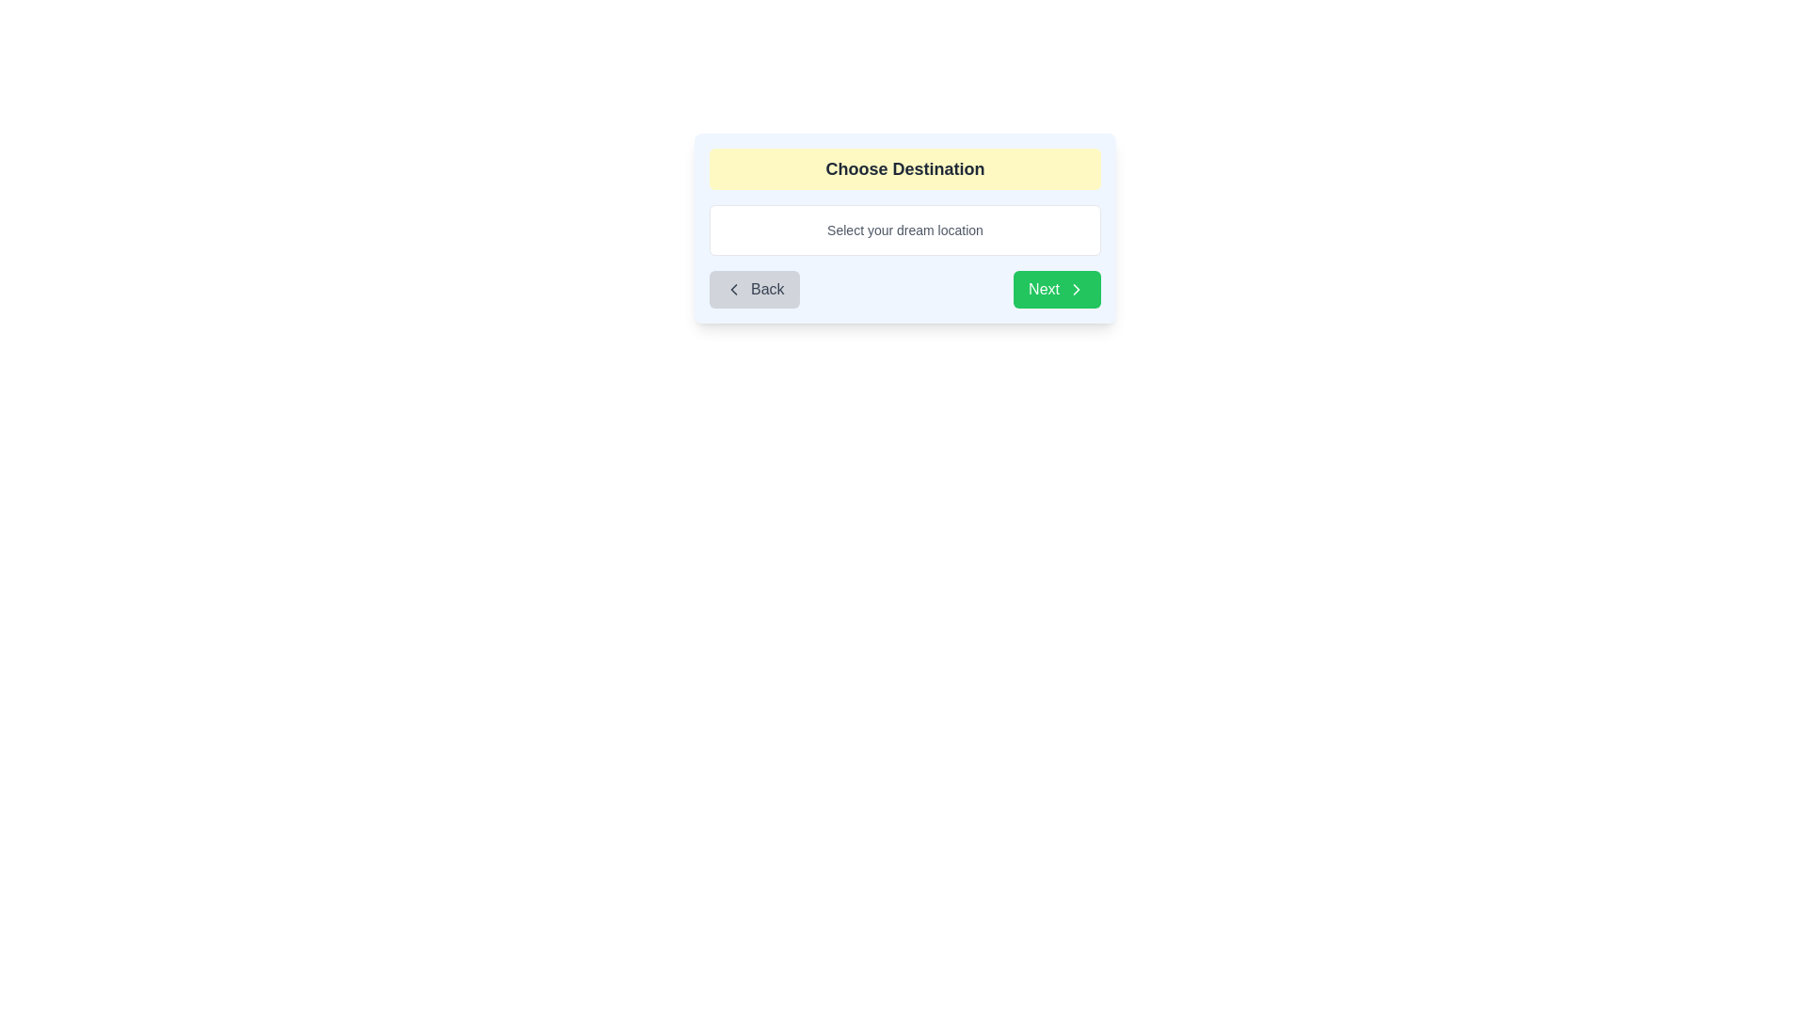 Image resolution: width=1807 pixels, height=1016 pixels. I want to click on the 'Back' button by clicking on the left chevron icon that visually indicates navigation to the previous page or step, so click(732, 290).